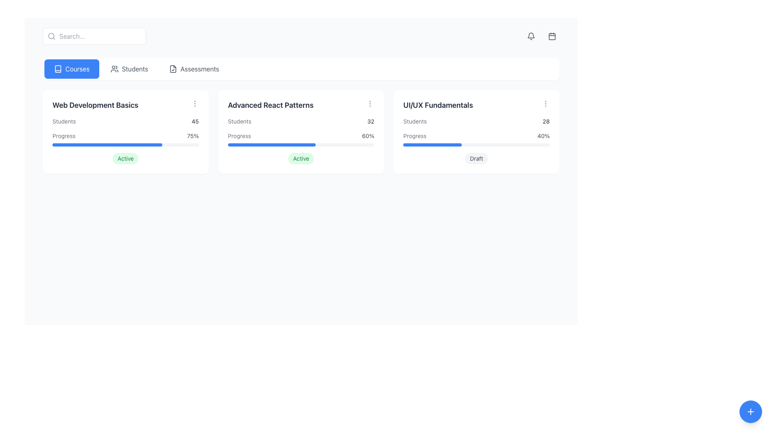 The image size is (775, 436). Describe the element at coordinates (300, 144) in the screenshot. I see `the progress bar located in the center card labeled 'Advanced React Patterns', which is filled 60% with blue and has rounded ends` at that location.